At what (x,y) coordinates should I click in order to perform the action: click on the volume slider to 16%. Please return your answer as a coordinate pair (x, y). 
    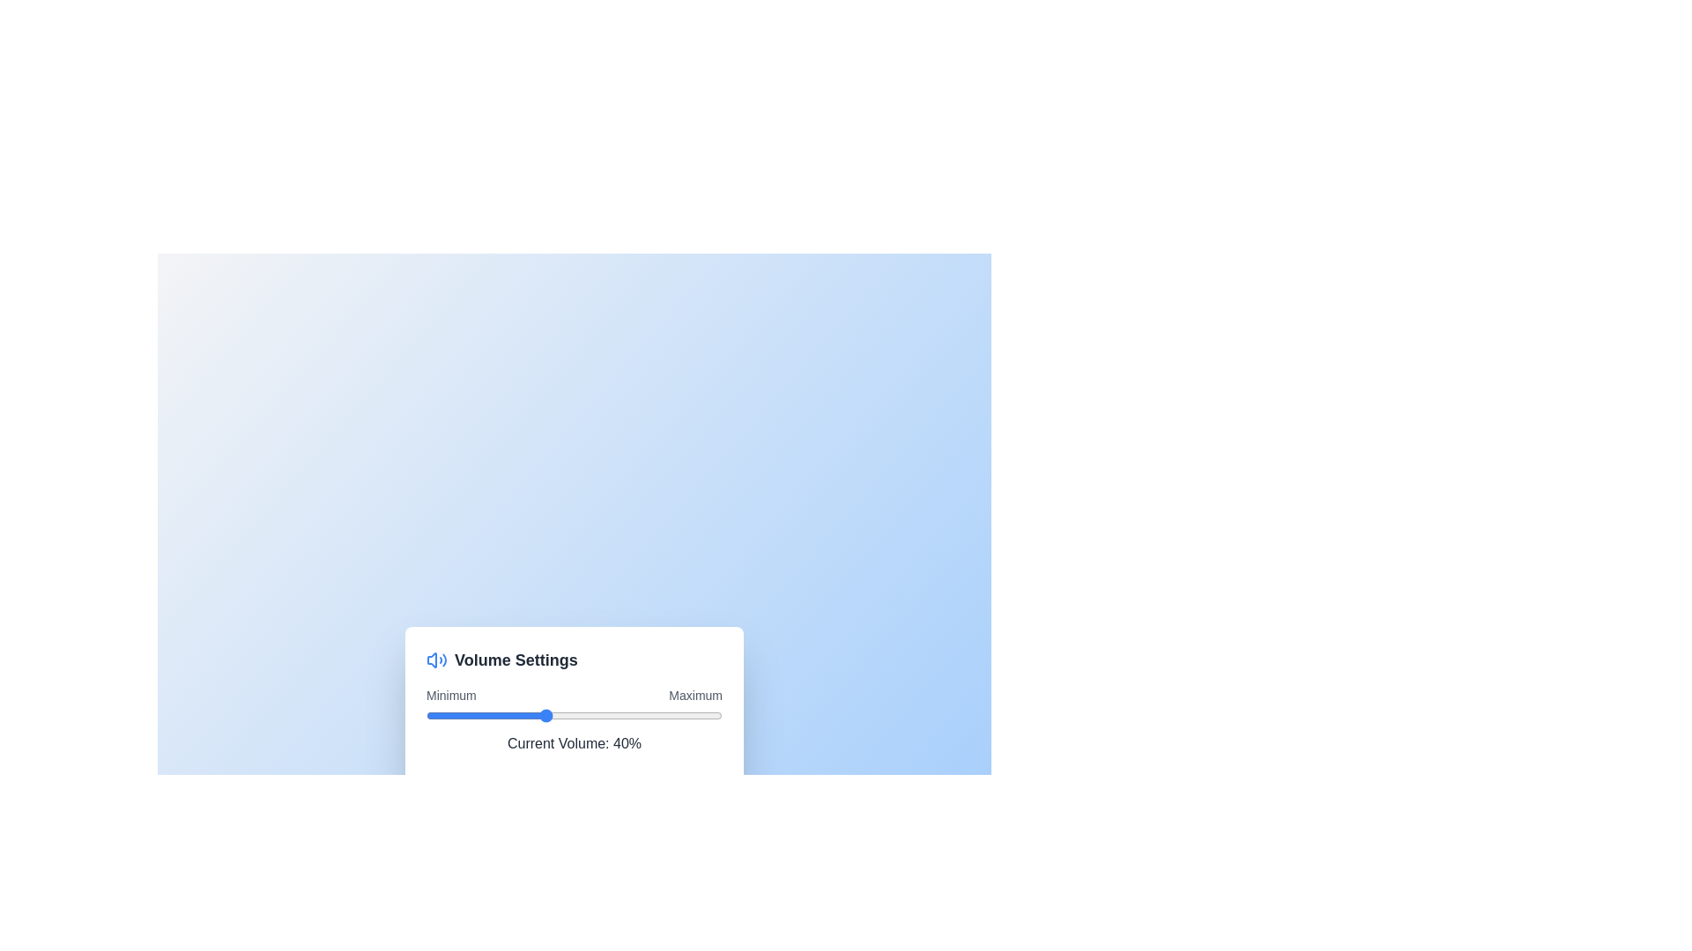
    Looking at the image, I should click on (473, 715).